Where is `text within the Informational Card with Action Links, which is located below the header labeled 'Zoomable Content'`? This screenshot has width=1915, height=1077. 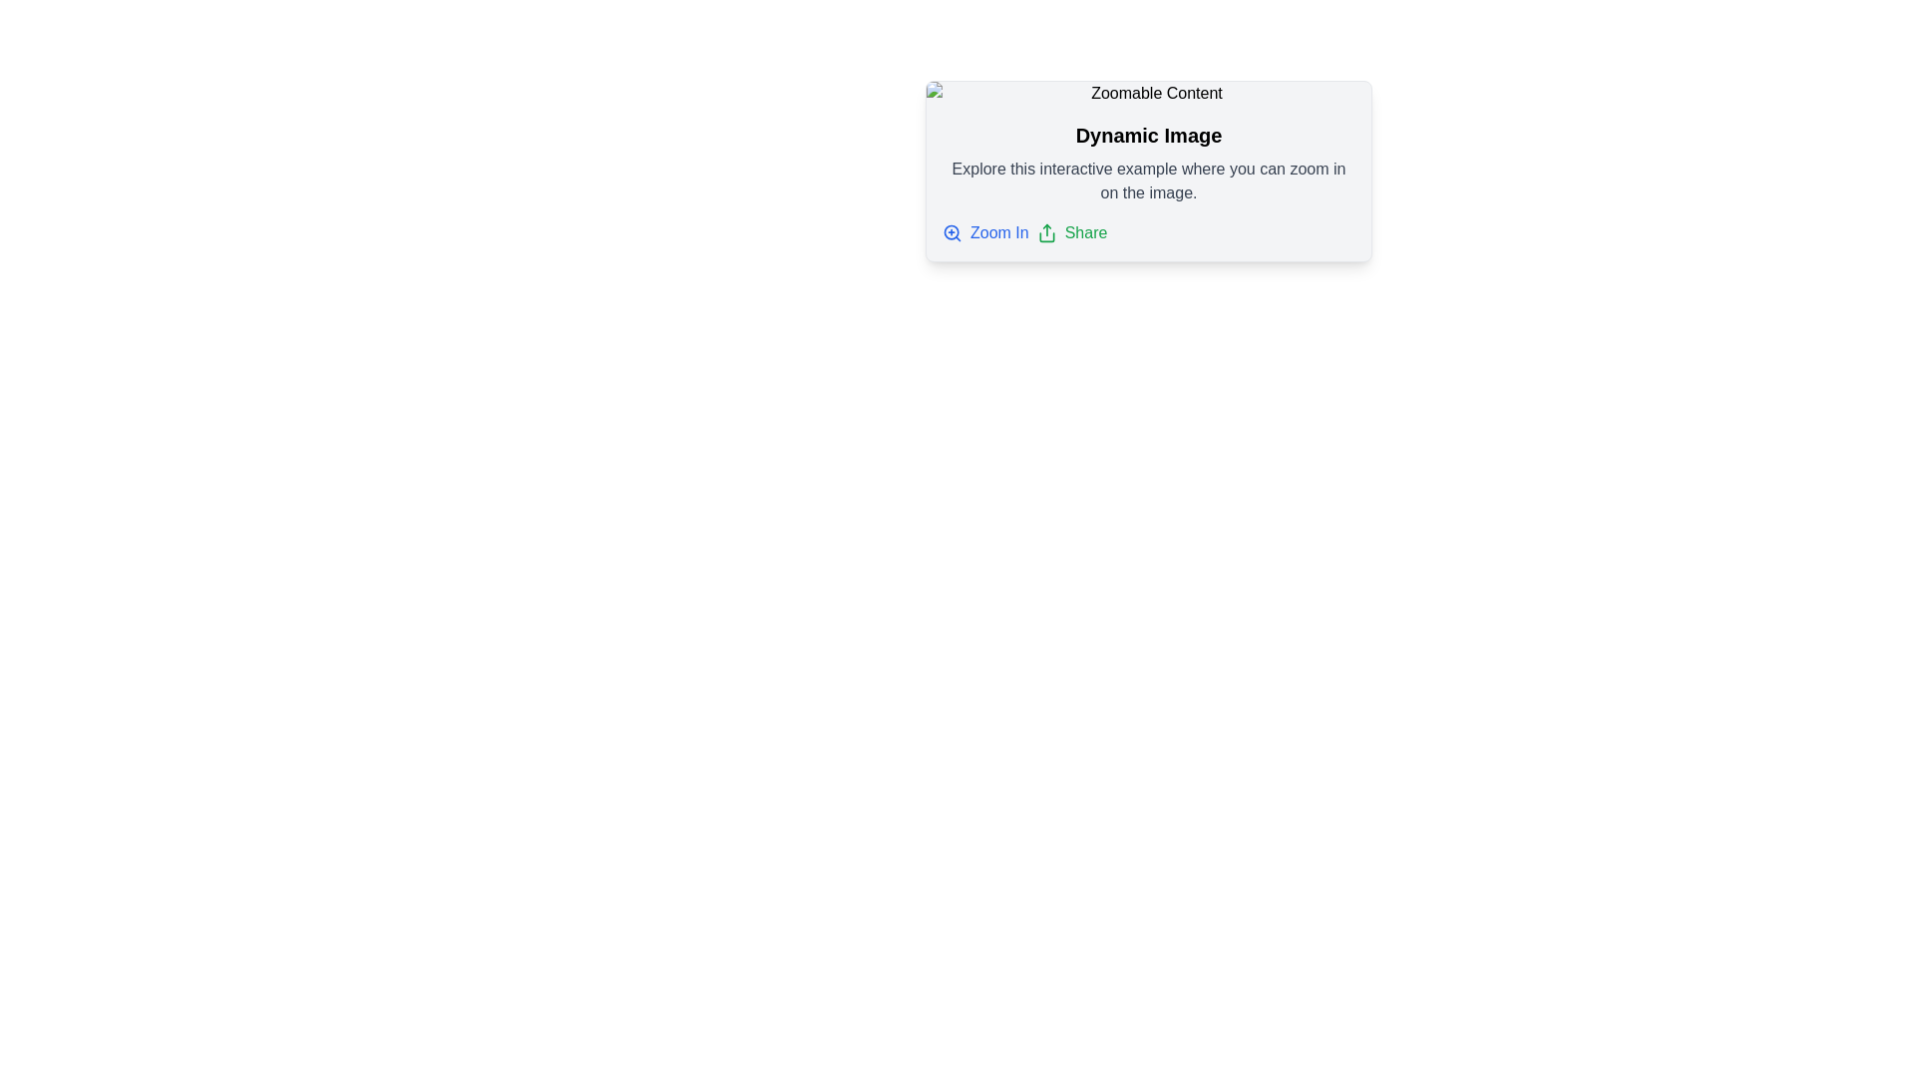
text within the Informational Card with Action Links, which is located below the header labeled 'Zoomable Content' is located at coordinates (1149, 183).